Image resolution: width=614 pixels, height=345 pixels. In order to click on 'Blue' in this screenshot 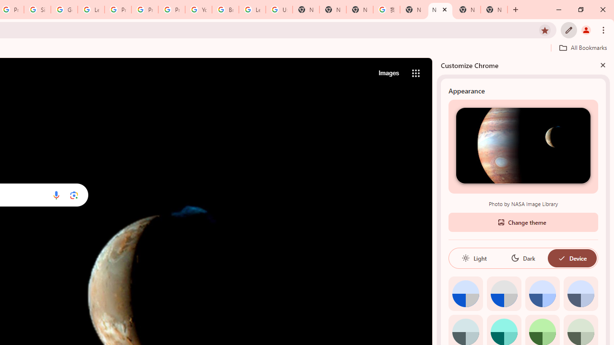, I will do `click(542, 293)`.